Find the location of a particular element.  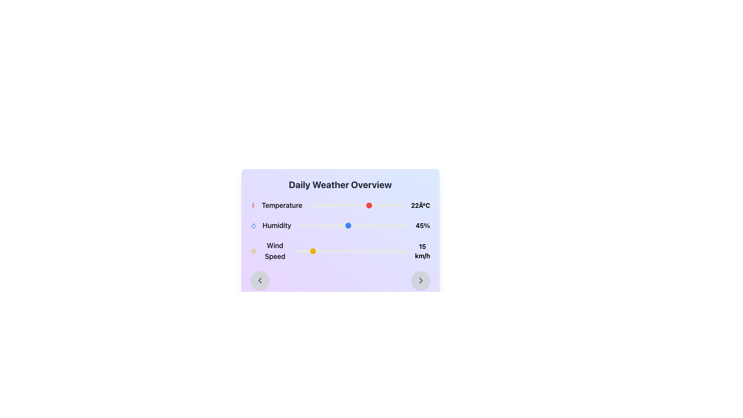

the Temperature slider is located at coordinates (380, 205).